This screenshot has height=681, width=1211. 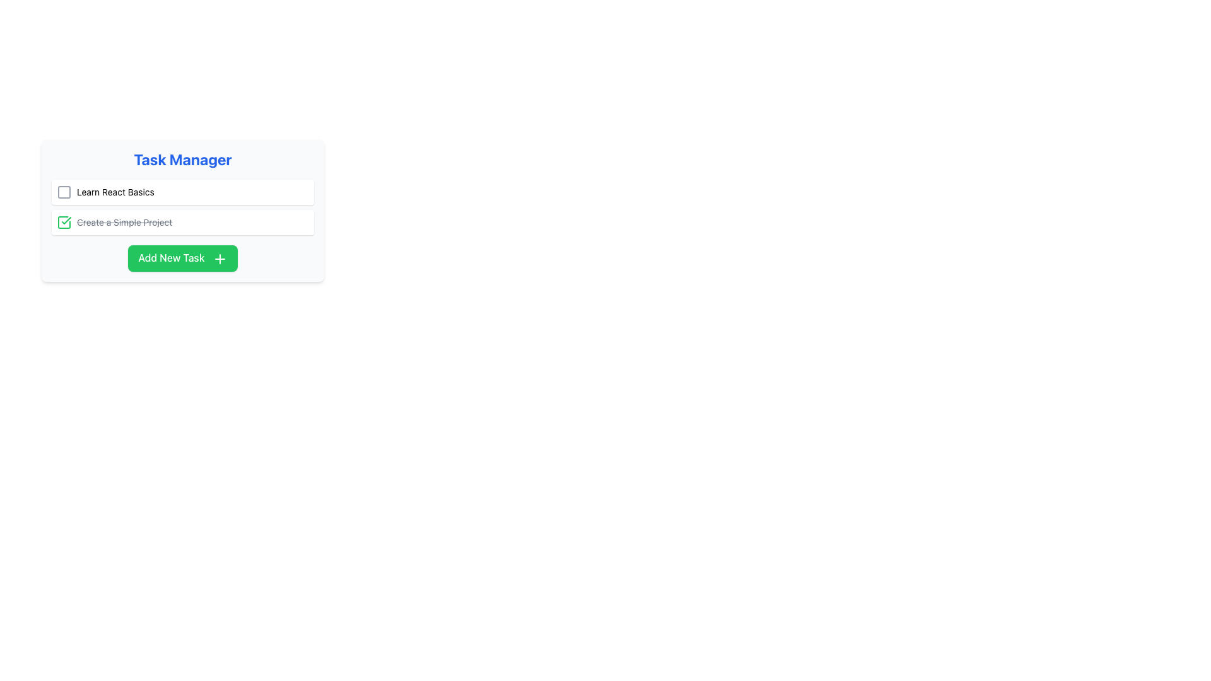 I want to click on the green checkbox icon to the left of the text 'Create a Simple Project' to update the task status, so click(x=114, y=222).